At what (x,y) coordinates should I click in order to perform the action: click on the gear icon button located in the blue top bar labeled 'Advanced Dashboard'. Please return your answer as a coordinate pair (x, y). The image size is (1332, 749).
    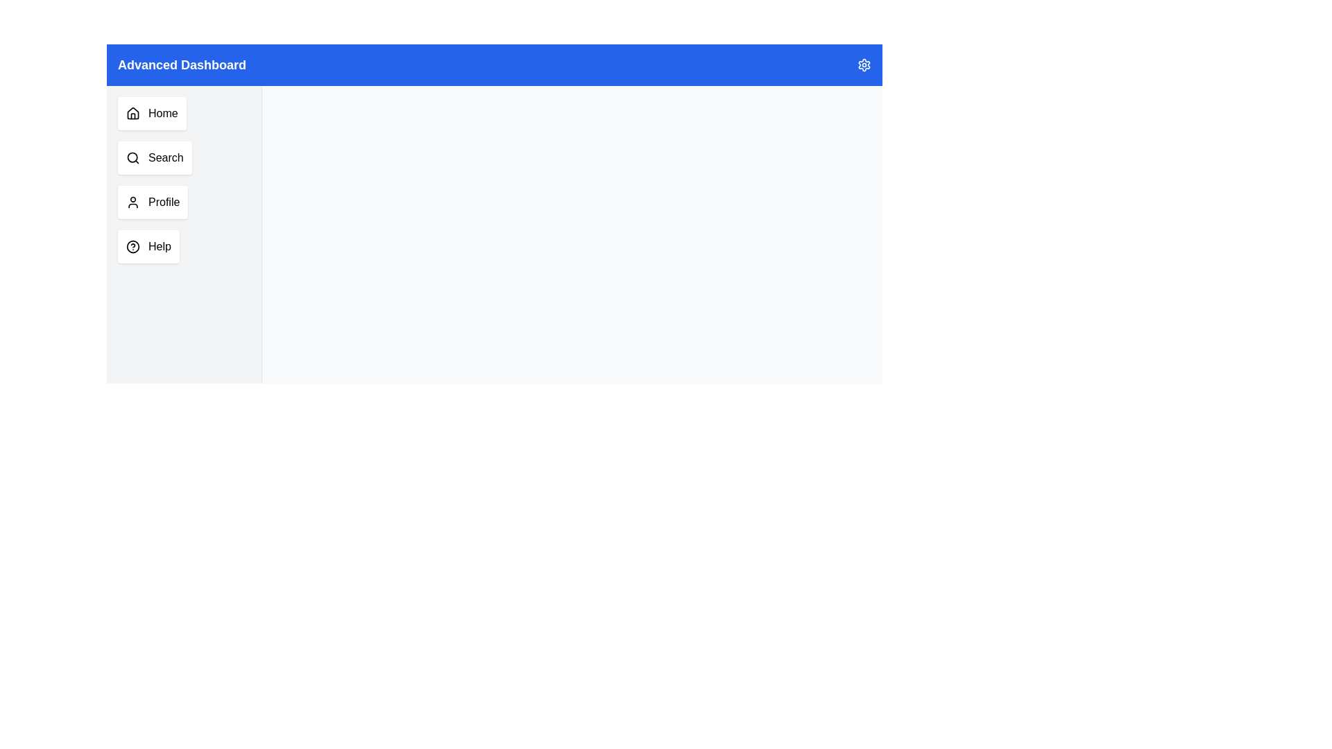
    Looking at the image, I should click on (864, 64).